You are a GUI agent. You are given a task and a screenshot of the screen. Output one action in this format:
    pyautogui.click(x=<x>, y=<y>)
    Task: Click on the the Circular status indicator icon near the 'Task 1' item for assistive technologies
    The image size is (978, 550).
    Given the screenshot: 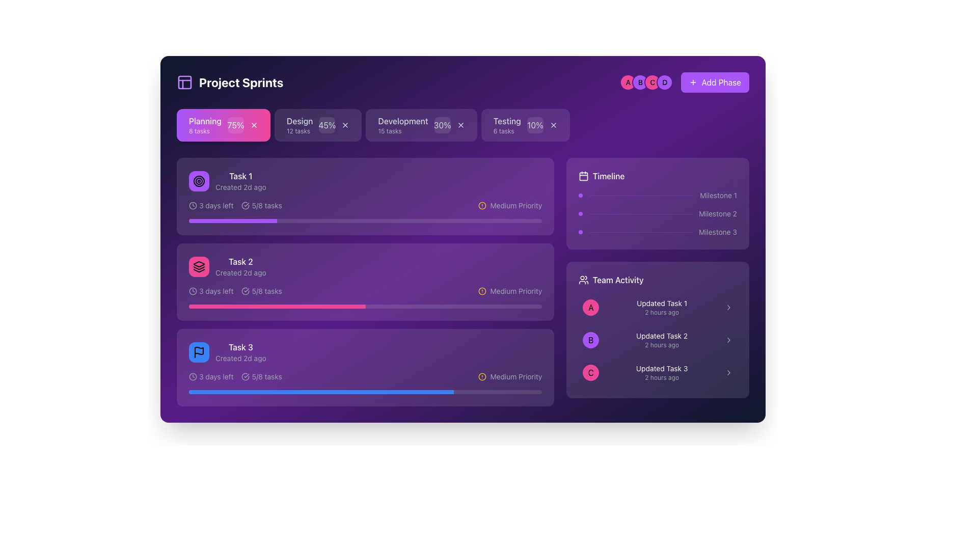 What is the action you would take?
    pyautogui.click(x=246, y=206)
    